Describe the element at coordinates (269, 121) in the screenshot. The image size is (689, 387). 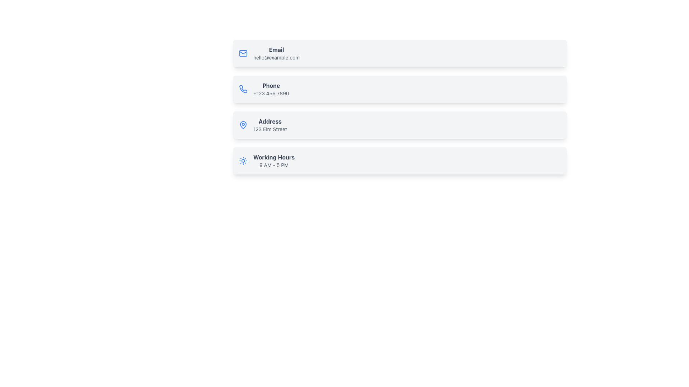
I see `the Text label that serves as a heading for the address content, located within the 'Address' card, positioned below the 'Phone' card and above the 'Working Hours' card, adjacent to a location icon` at that location.